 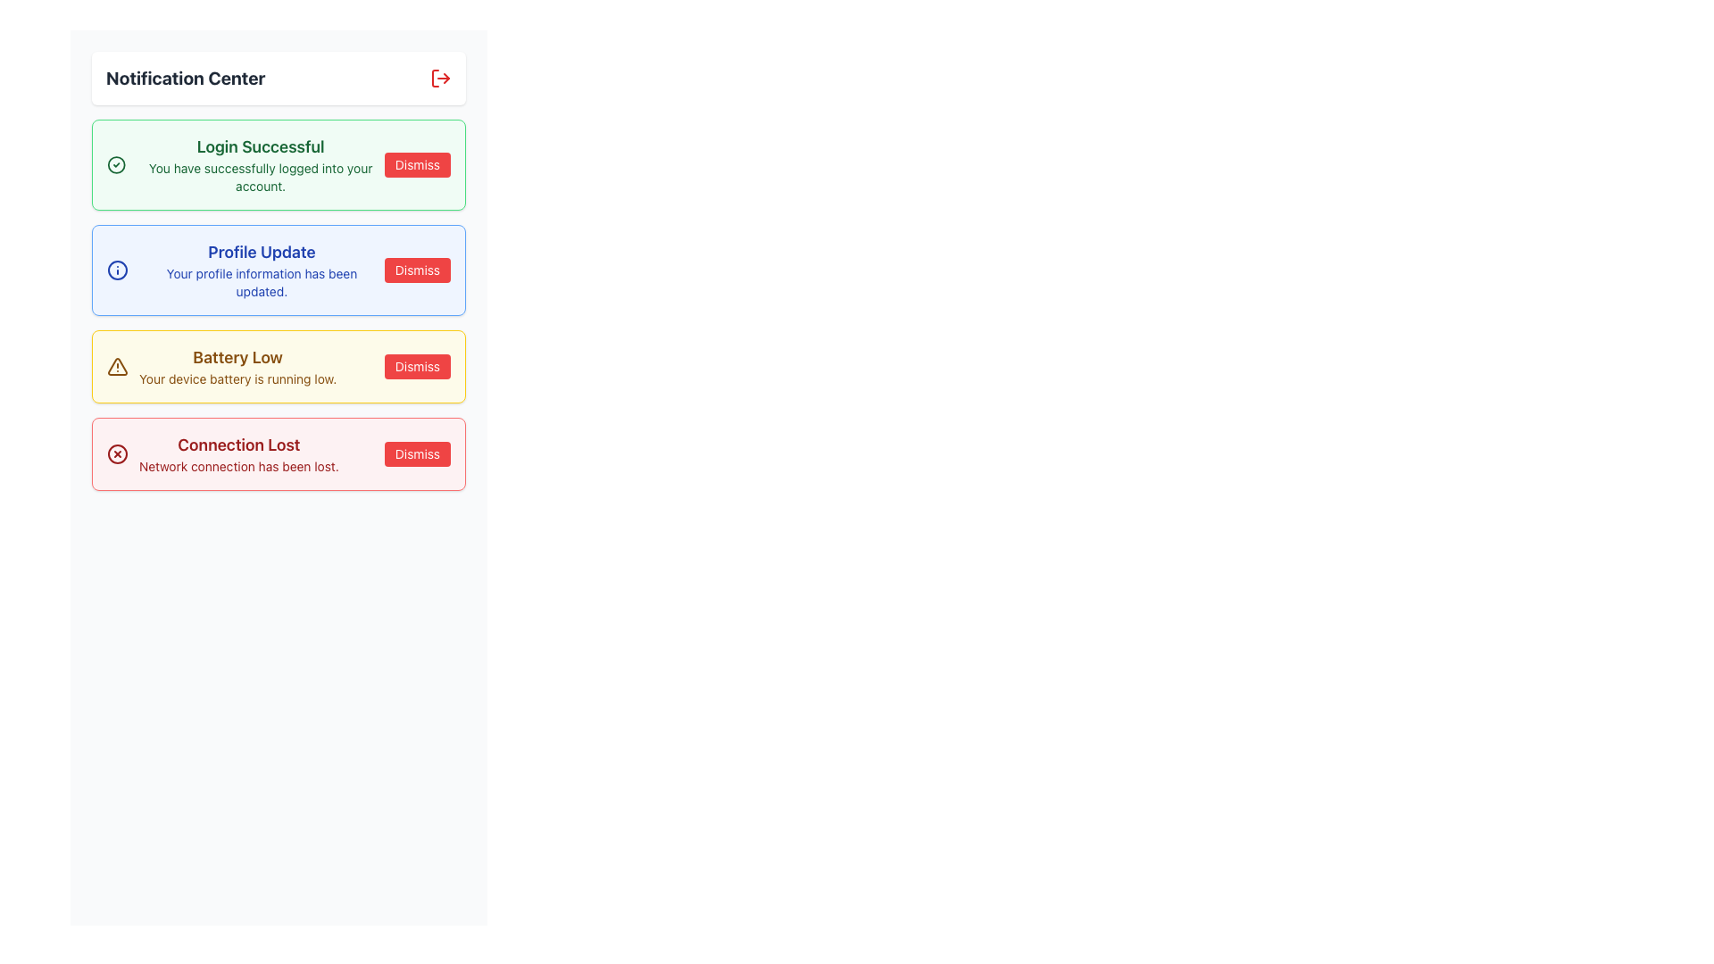 I want to click on the text display that informs the user about their device's low battery status, positioned below the 'Battery Low' title within the notification card, so click(x=237, y=378).